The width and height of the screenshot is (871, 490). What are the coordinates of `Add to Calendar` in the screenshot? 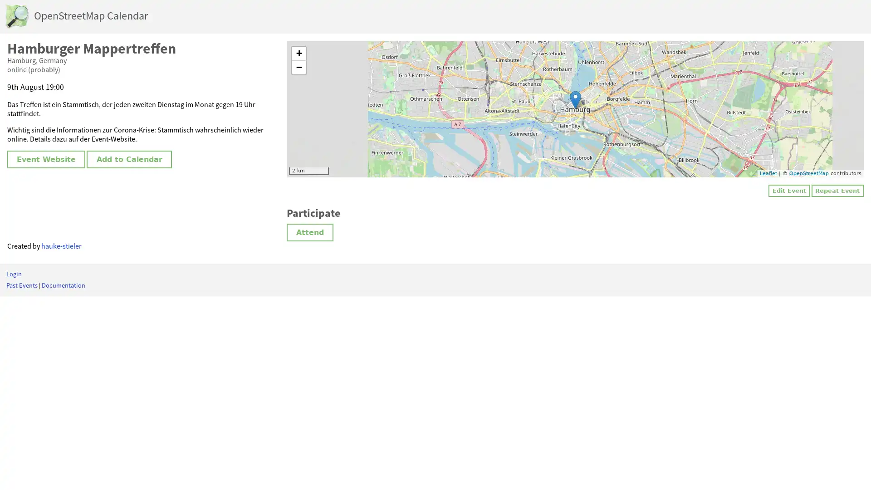 It's located at (128, 159).